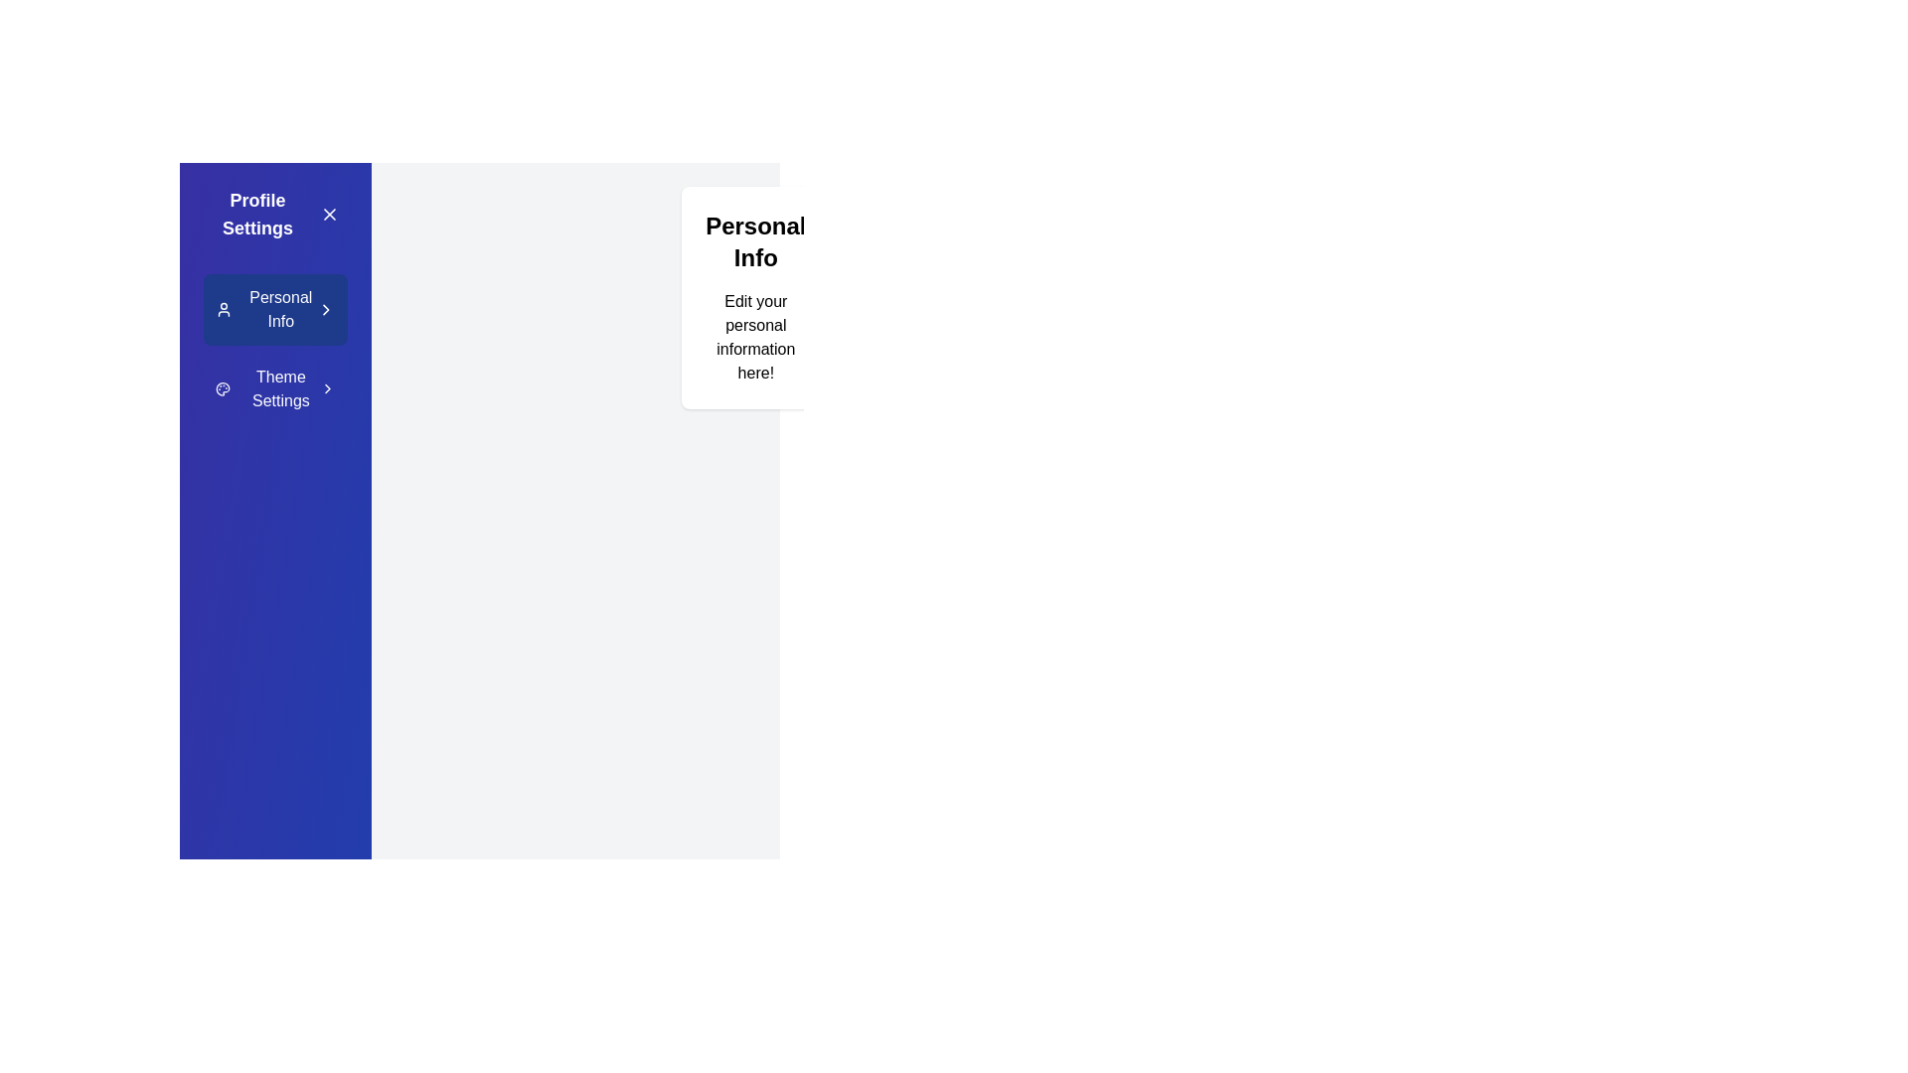  Describe the element at coordinates (256, 215) in the screenshot. I see `text 'Profile Settings' displayed in a bold font style at the top-left corner of the sidebar with a blue background` at that location.